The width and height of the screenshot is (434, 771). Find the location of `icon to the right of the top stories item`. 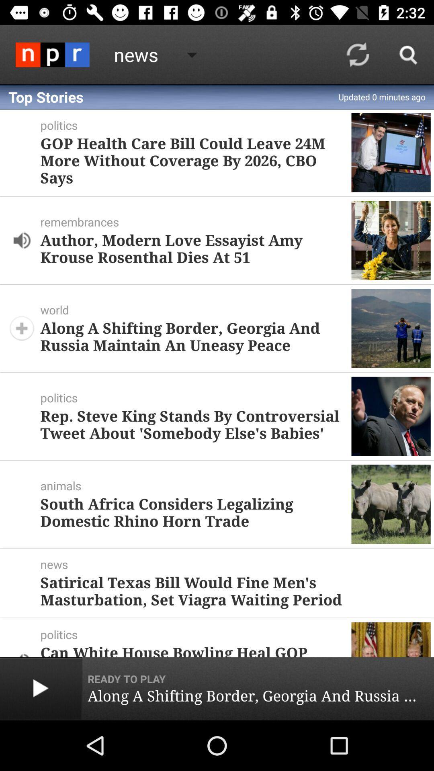

icon to the right of the top stories item is located at coordinates (358, 54).